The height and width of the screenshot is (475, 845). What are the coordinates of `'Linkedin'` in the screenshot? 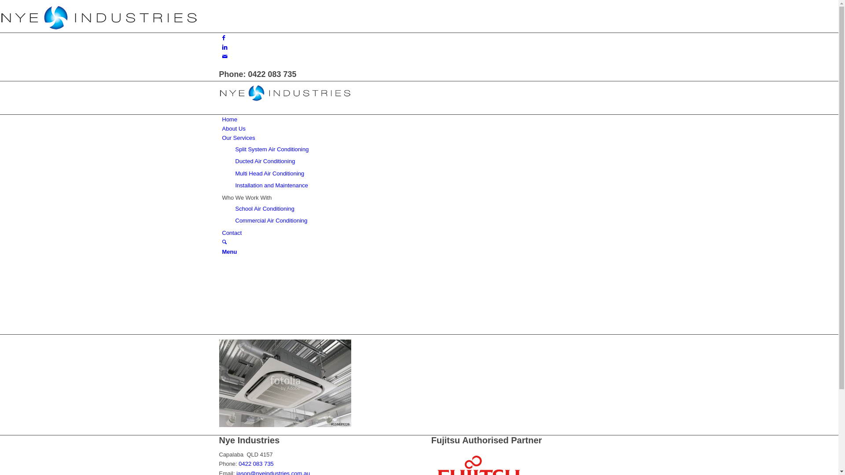 It's located at (224, 47).